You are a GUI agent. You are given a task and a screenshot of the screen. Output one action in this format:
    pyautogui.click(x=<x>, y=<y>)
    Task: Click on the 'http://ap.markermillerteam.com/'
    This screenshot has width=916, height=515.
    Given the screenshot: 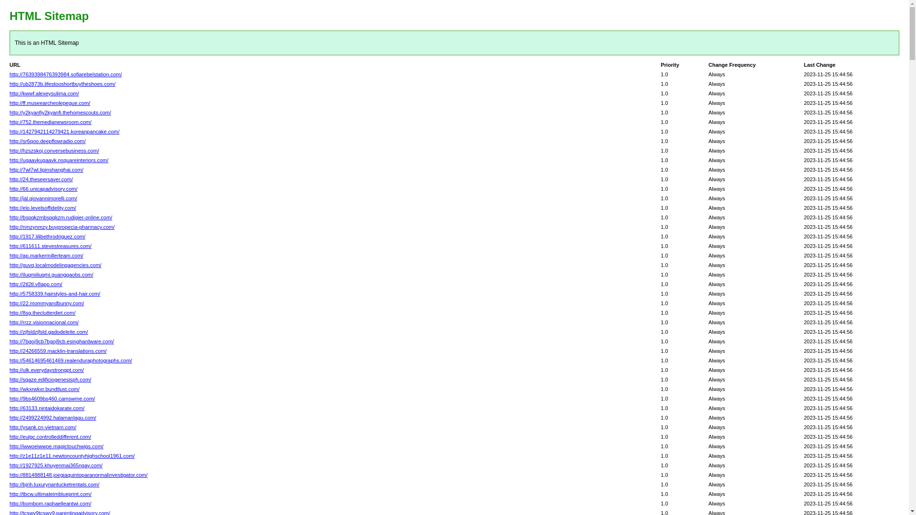 What is the action you would take?
    pyautogui.click(x=46, y=255)
    